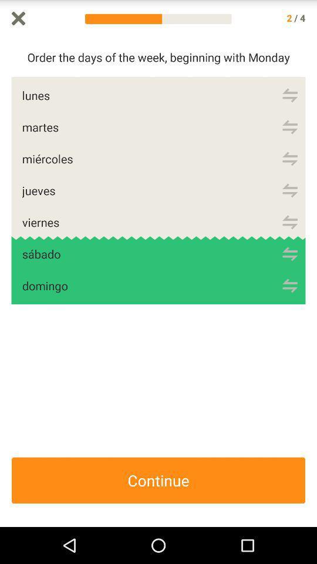 This screenshot has height=564, width=317. Describe the element at coordinates (289, 95) in the screenshot. I see `the icon which is right to lunes` at that location.